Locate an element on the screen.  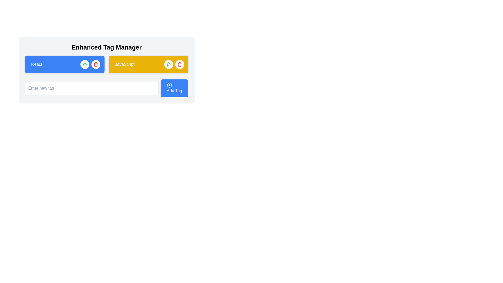
the circular outline of the 'Add Tag' button, which is part of the 'Enhanced Tag Manager' interface is located at coordinates (169, 85).